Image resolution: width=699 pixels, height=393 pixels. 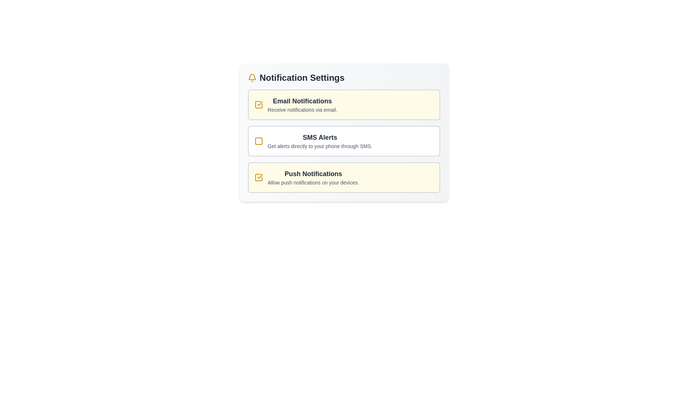 What do you see at coordinates (252, 78) in the screenshot?
I see `the notification icon that is visually representative of the Notification Settings header, positioned to the left of the 'Notification Settings' text label` at bounding box center [252, 78].